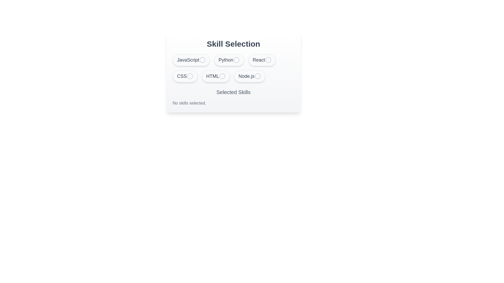  I want to click on the text label displaying 'CSS', which is styled with a larger font size and gray color, located in the leftmost position of the second row of skill options under 'Skill Selection', so click(182, 76).